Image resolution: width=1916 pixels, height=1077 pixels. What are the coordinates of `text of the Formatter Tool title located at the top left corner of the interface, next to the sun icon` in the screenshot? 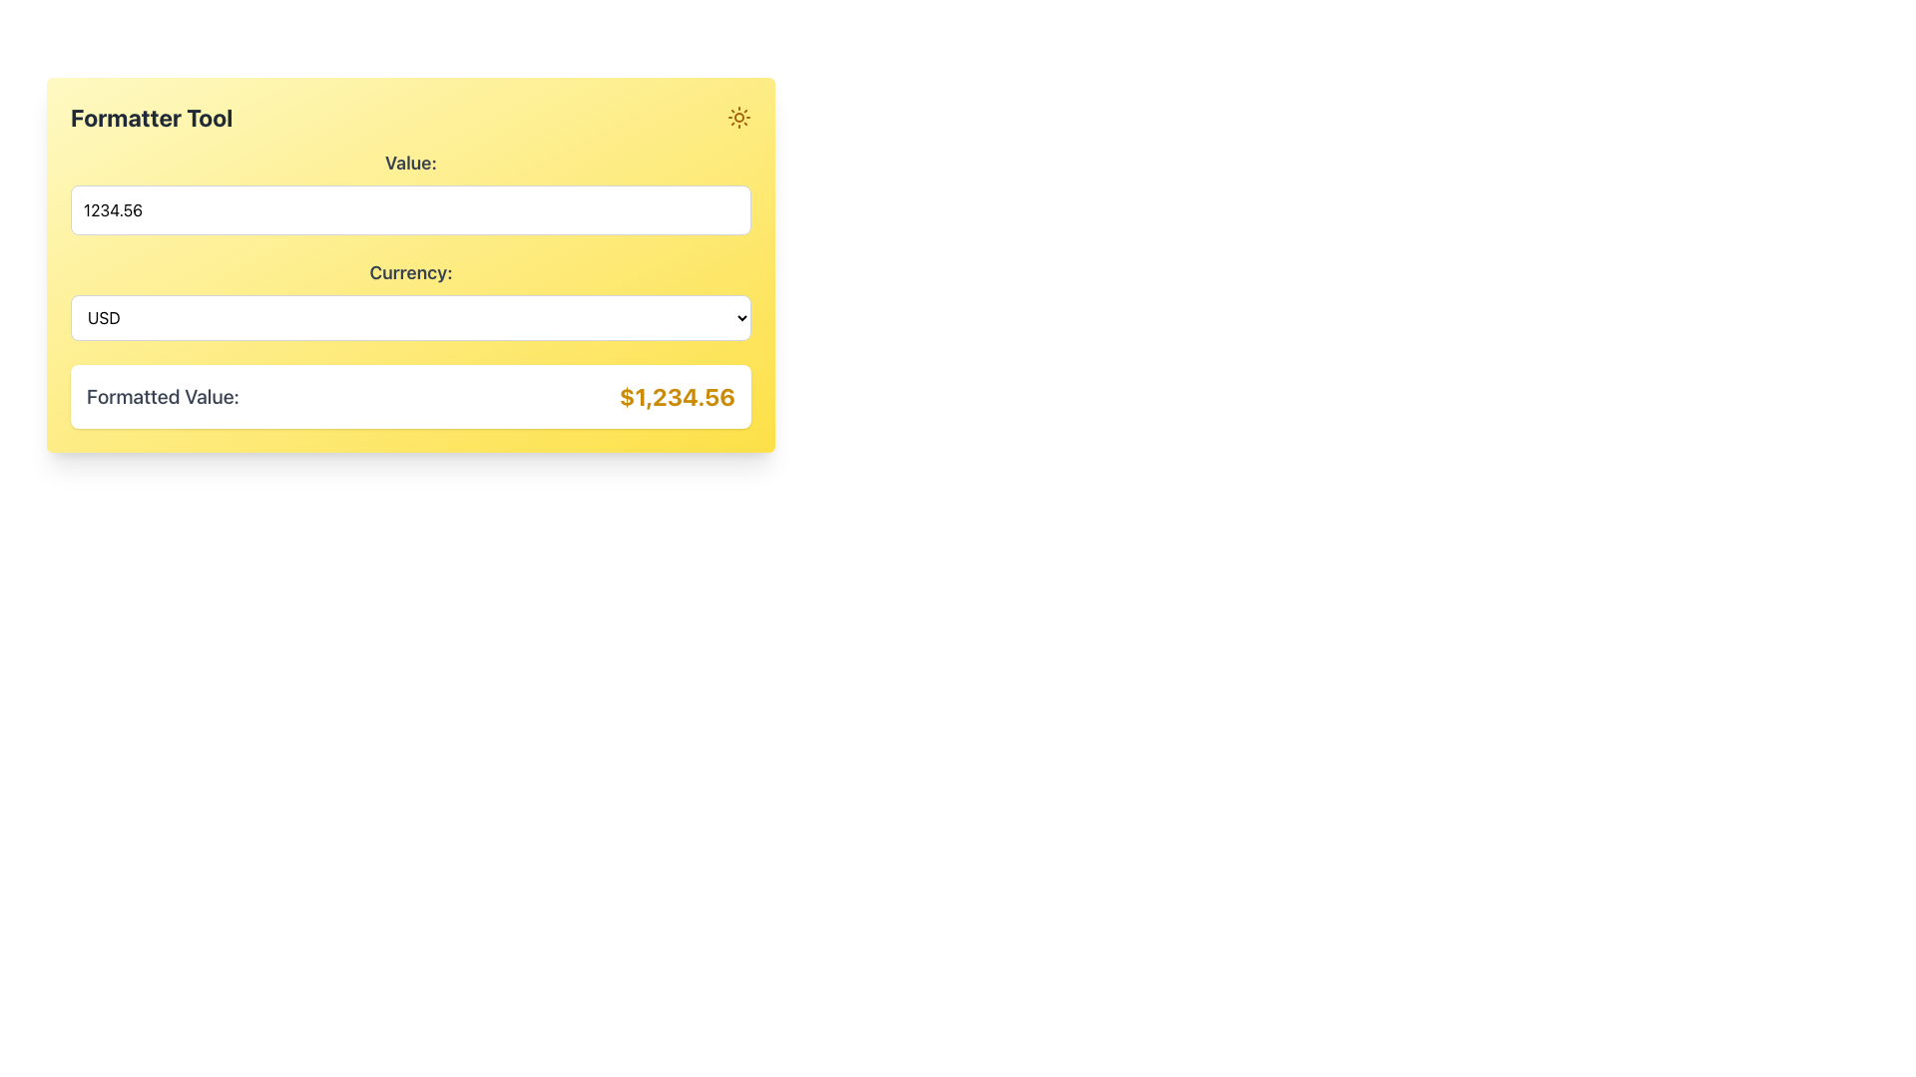 It's located at (151, 118).